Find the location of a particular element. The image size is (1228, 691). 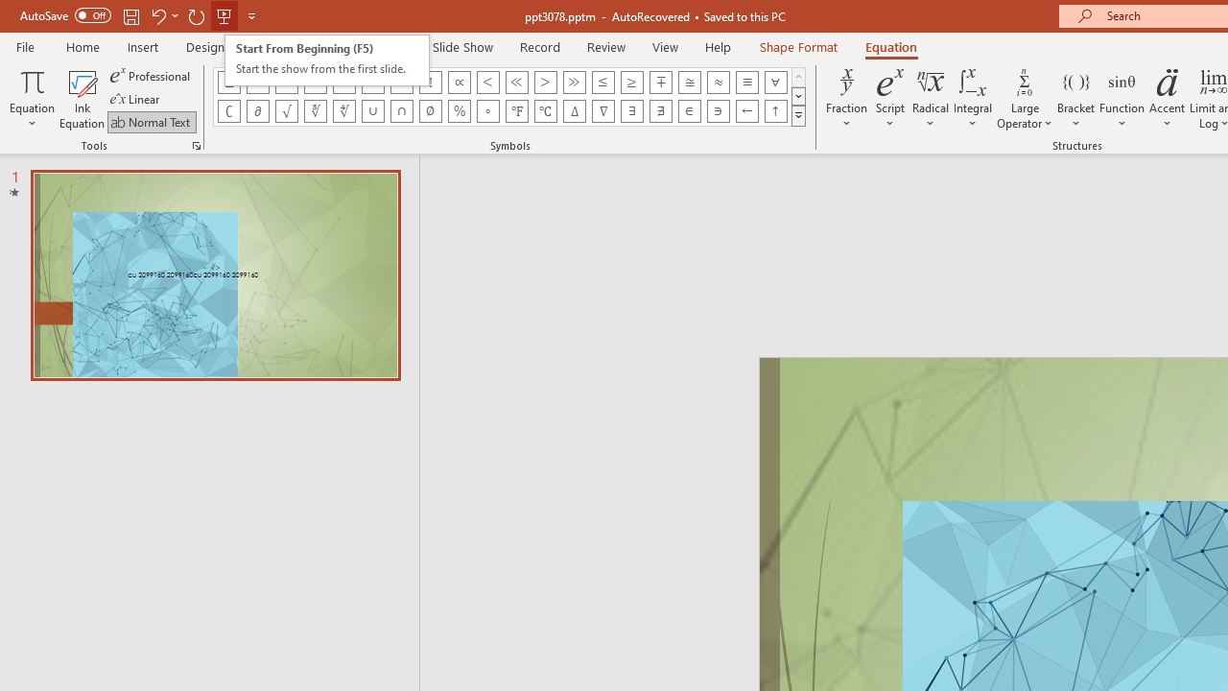

'Equation Symbol Approximately Equal To' is located at coordinates (689, 82).